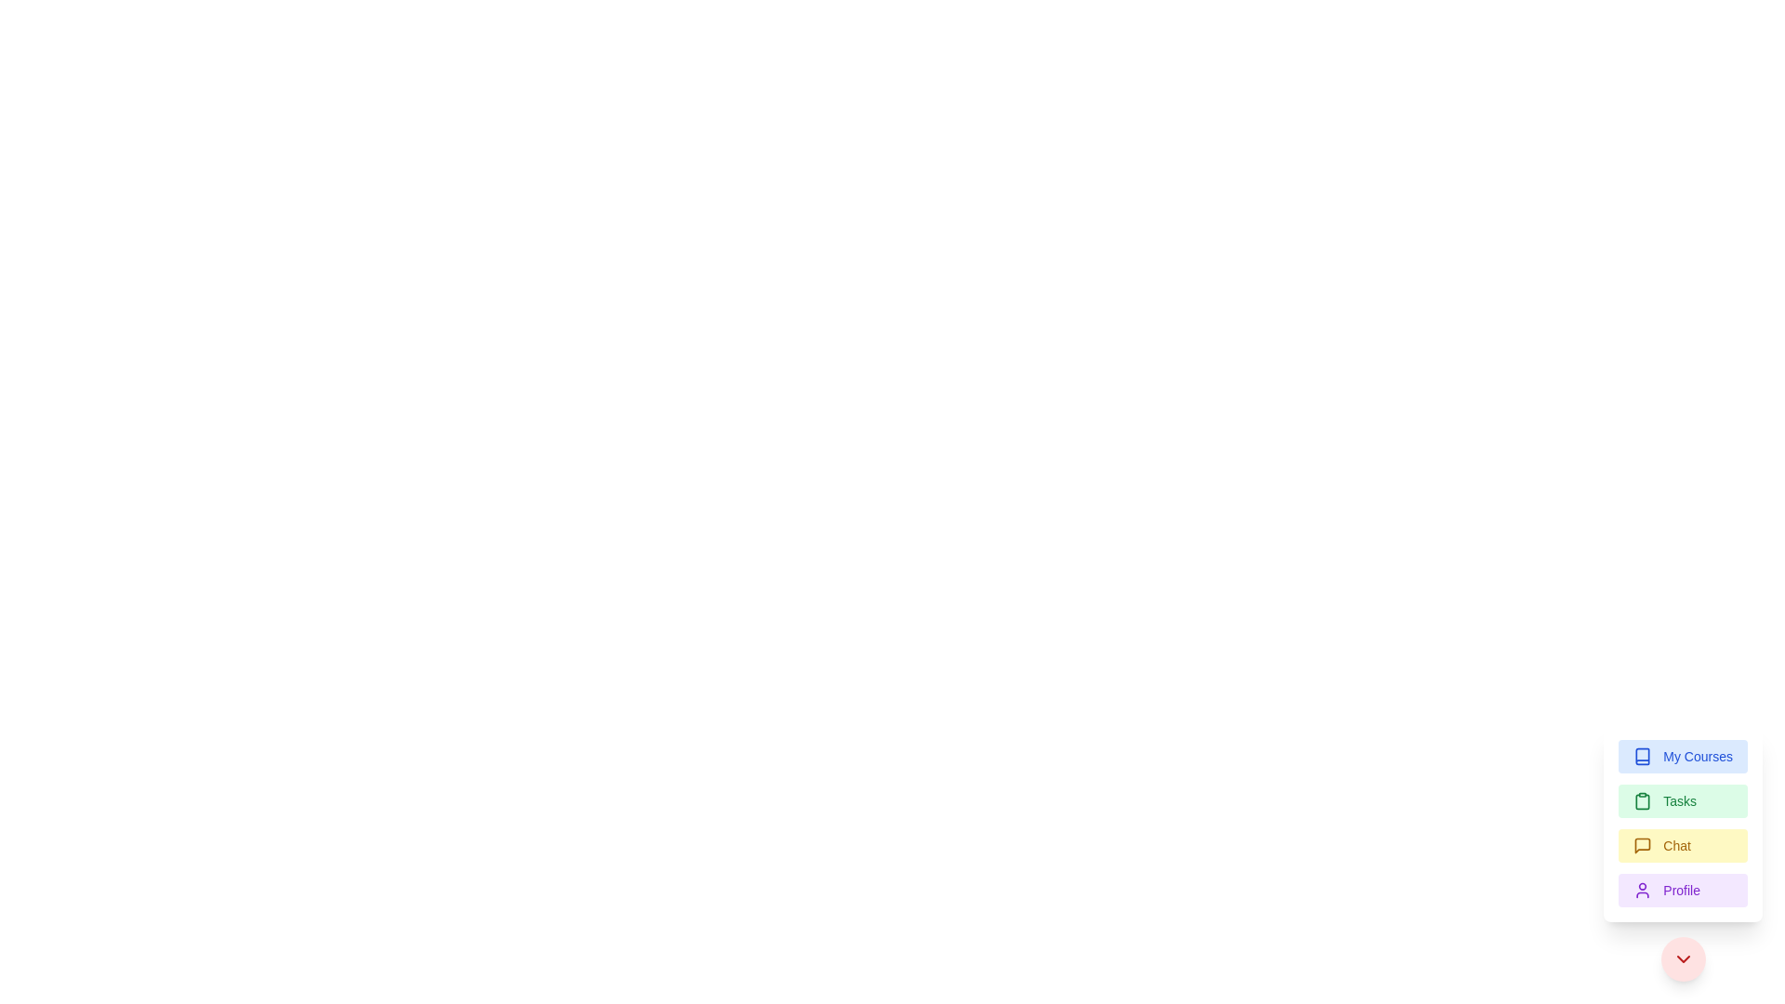  I want to click on the 'Tasks' button, which is a rectangular button with a light green background and a clipboard icon, located below 'My Courses' and above 'Chat', so click(1683, 799).